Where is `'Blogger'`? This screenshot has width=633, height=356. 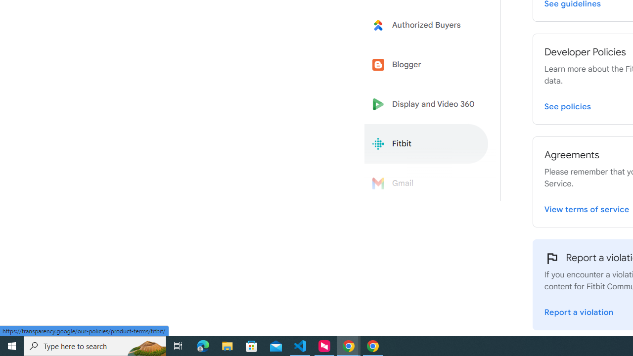
'Blogger' is located at coordinates (426, 65).